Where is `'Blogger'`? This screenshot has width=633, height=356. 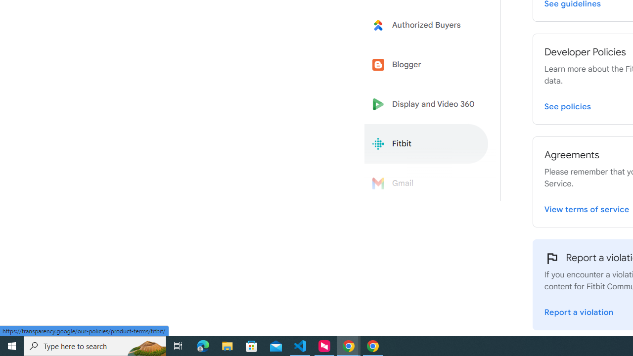
'Blogger' is located at coordinates (426, 65).